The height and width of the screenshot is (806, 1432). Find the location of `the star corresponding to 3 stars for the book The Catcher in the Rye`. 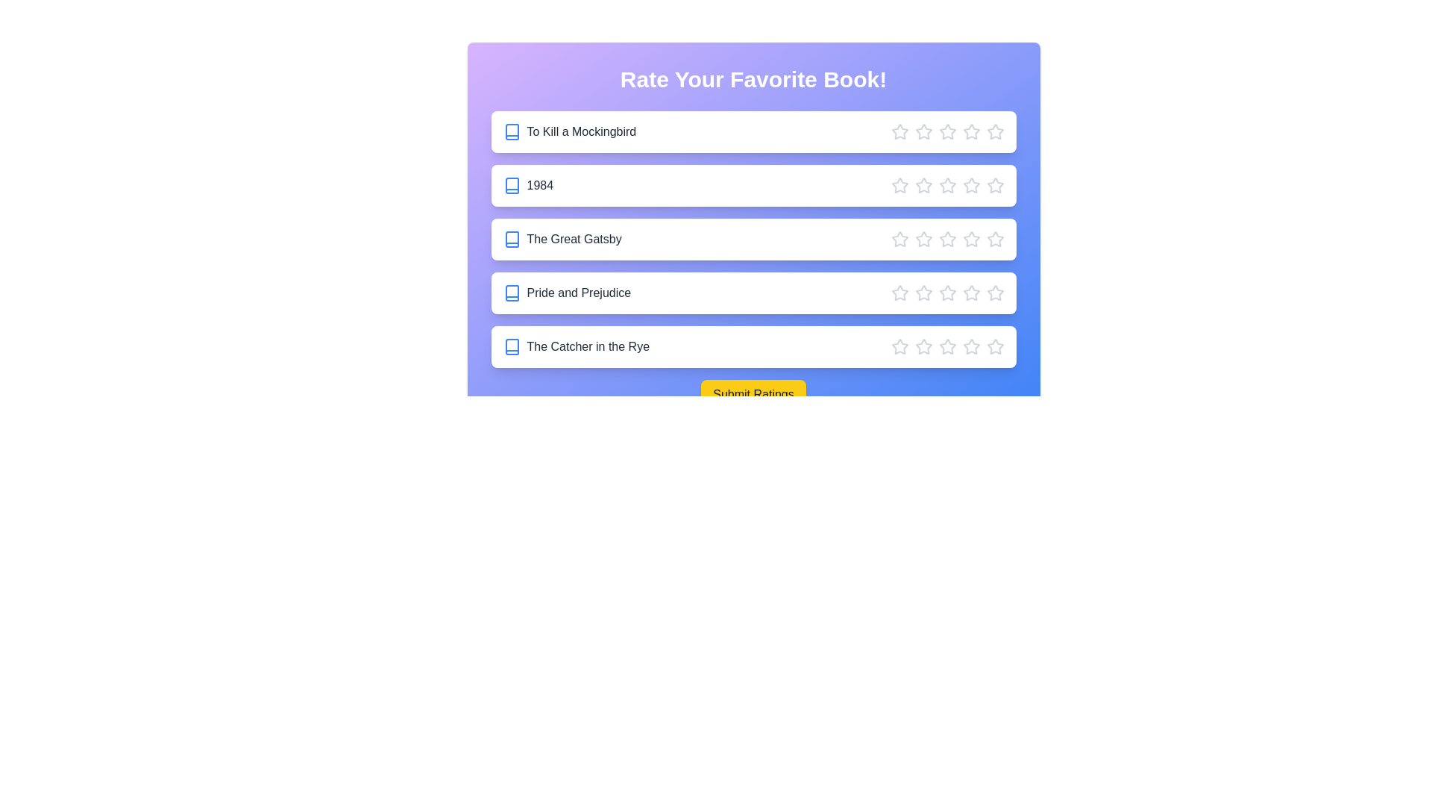

the star corresponding to 3 stars for the book The Catcher in the Rye is located at coordinates (946, 347).